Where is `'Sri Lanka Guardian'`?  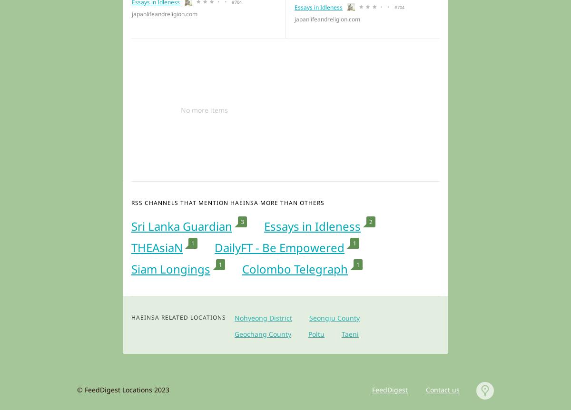 'Sri Lanka Guardian' is located at coordinates (131, 226).